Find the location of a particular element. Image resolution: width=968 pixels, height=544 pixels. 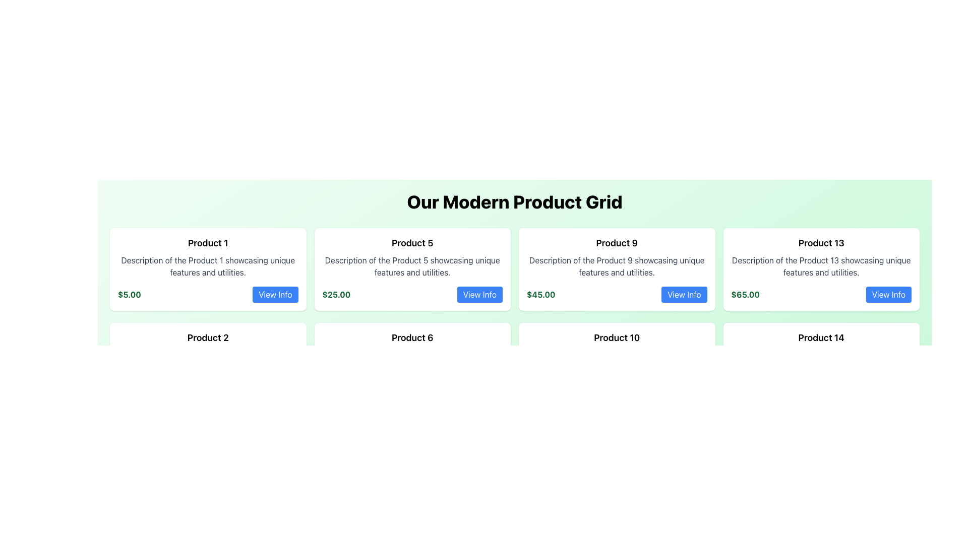

the button in the second card of the product grid labeled 'Product 5' to change its color is located at coordinates (479, 295).